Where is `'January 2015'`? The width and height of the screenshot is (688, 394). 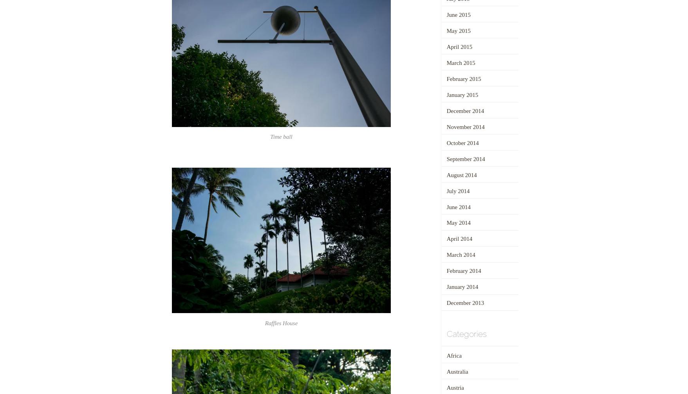 'January 2015' is located at coordinates (446, 95).